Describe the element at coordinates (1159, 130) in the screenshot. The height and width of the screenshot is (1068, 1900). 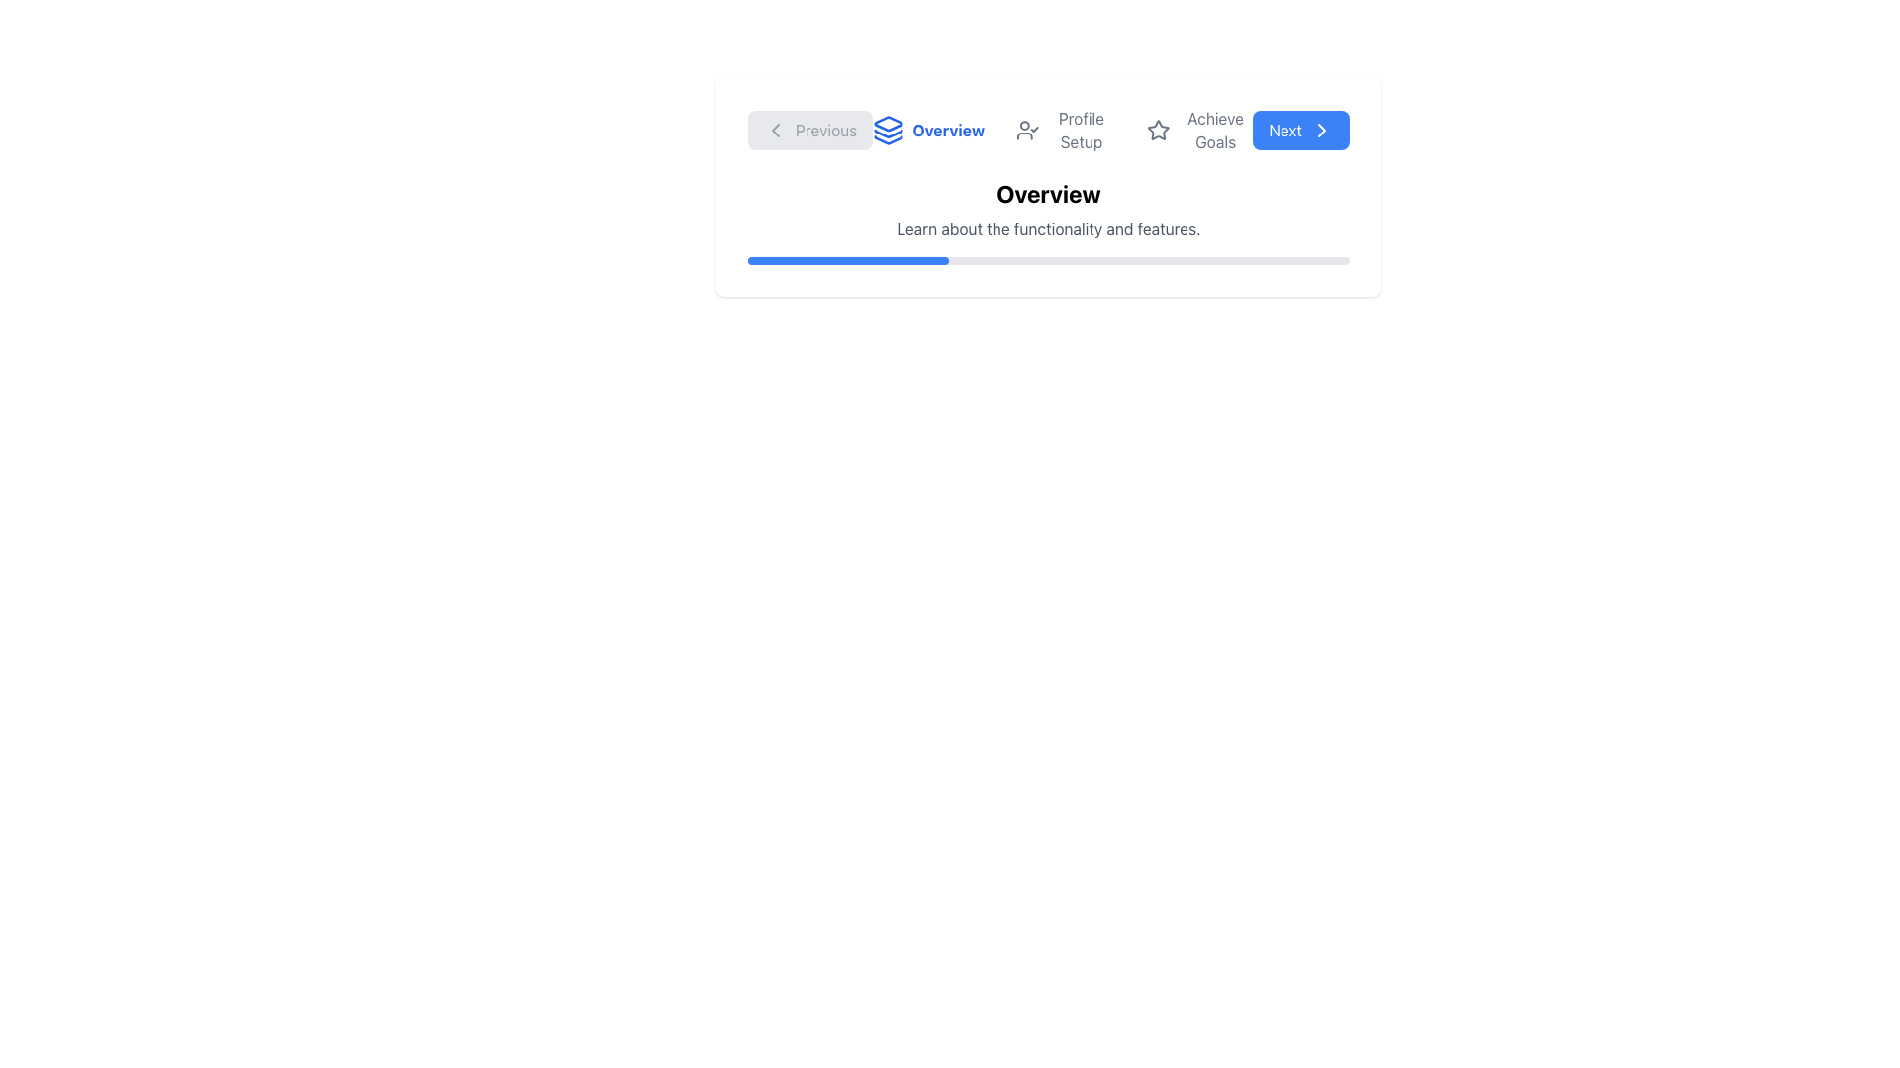
I see `the decorative or interactive icon located near the center of the header section, which serves as a navigation button or visual status indicator` at that location.